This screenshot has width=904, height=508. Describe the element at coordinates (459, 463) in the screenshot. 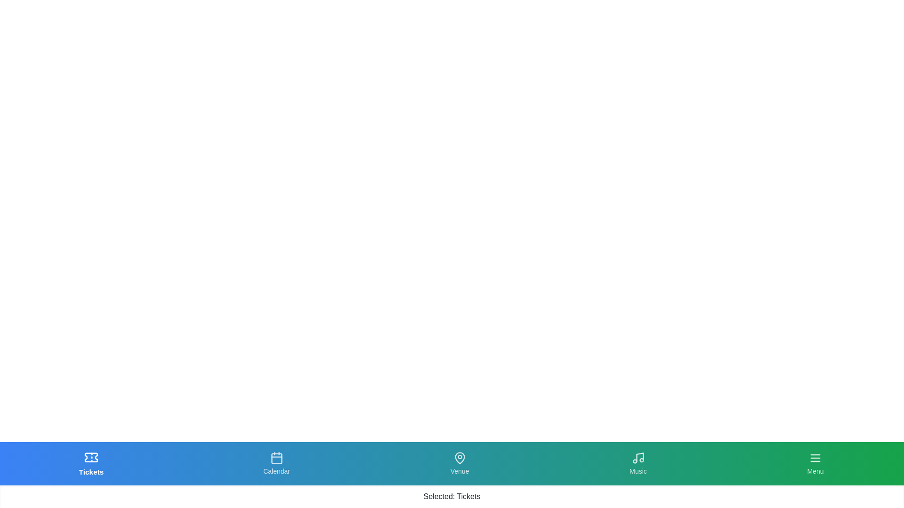

I see `the Venue tab in the navigation bar` at that location.